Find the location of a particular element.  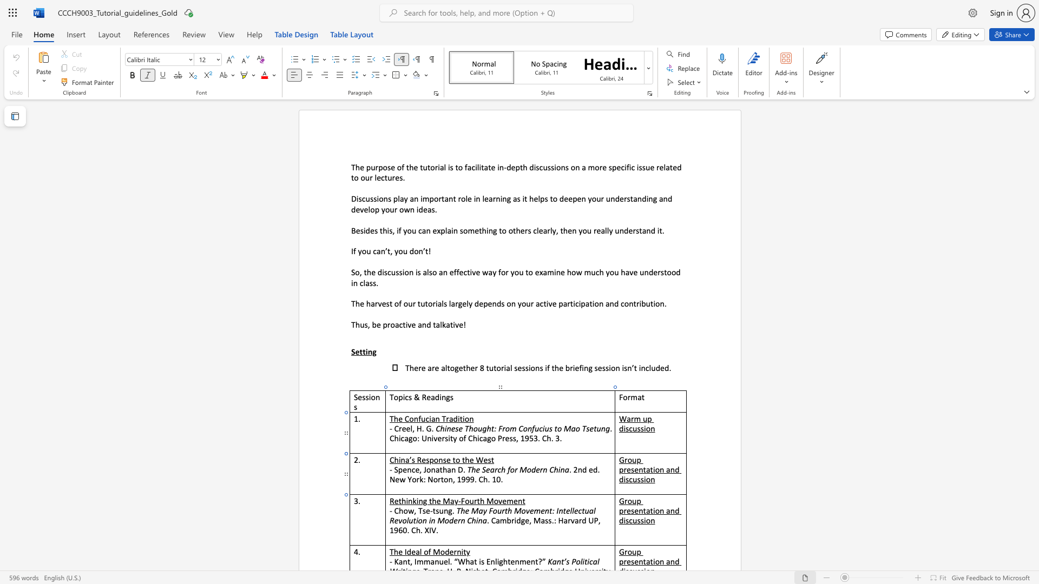

the space between the continuous character "s" and "e" in the text is located at coordinates (425, 510).